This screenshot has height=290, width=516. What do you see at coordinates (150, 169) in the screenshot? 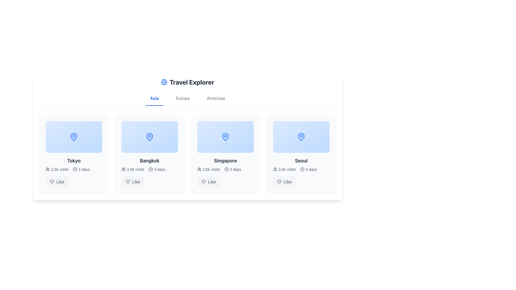
I see `the circular component of the clock icon that is located near the 'Bangkok' label, specifically adjacent to the '3 days' text at the bottom of the card` at bounding box center [150, 169].